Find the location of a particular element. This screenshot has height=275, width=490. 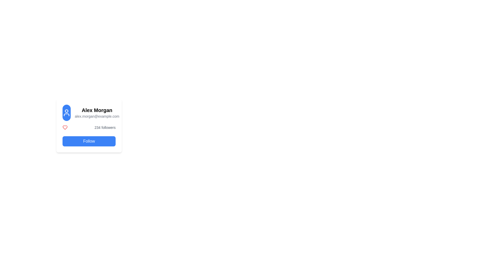

the blue rectangular 'Follow' button with white text centered on it, located below the follower count and heart icon is located at coordinates (89, 141).